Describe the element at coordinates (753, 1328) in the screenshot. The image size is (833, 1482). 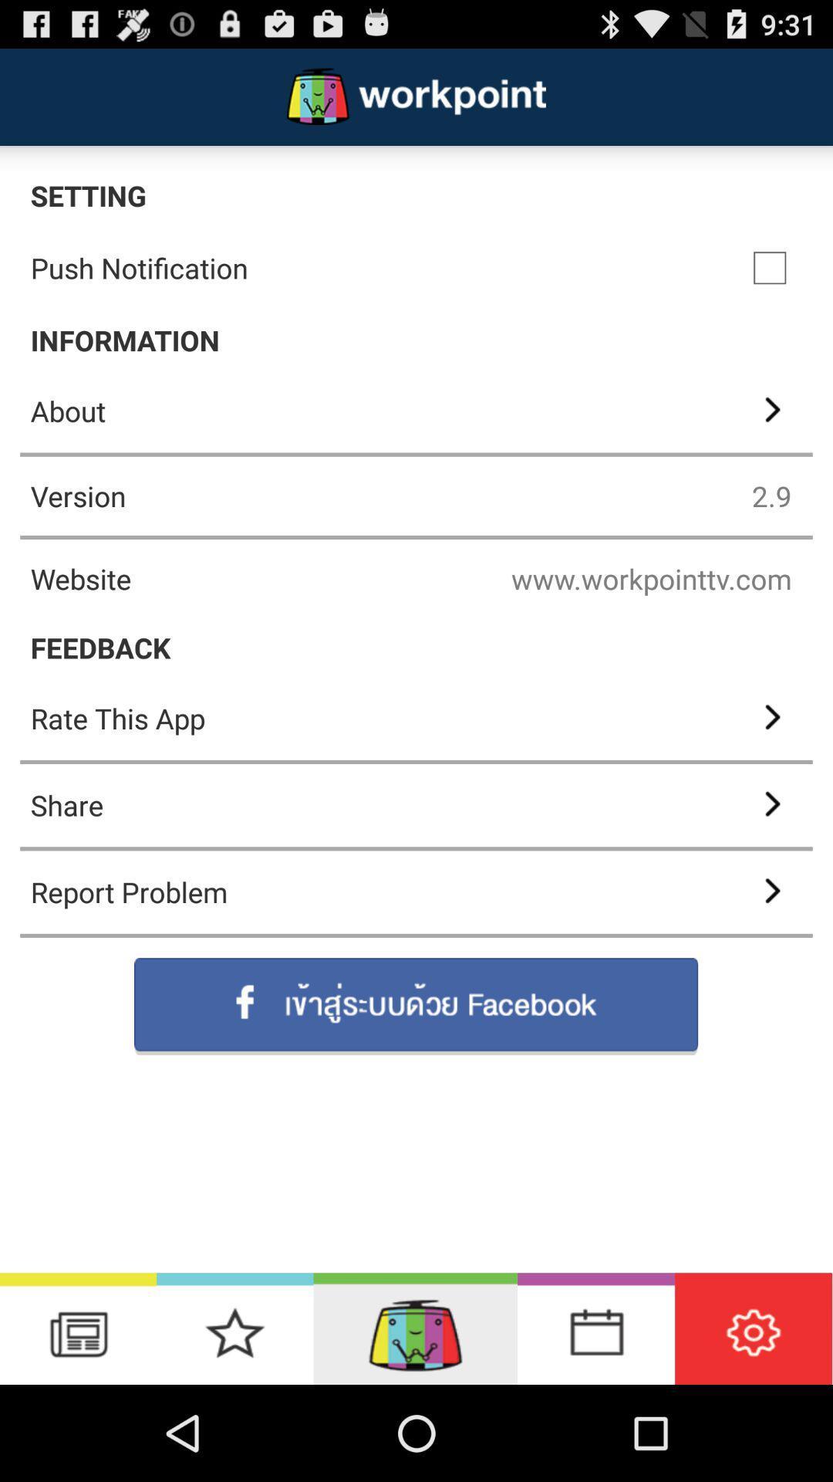
I see `click here to access settings` at that location.